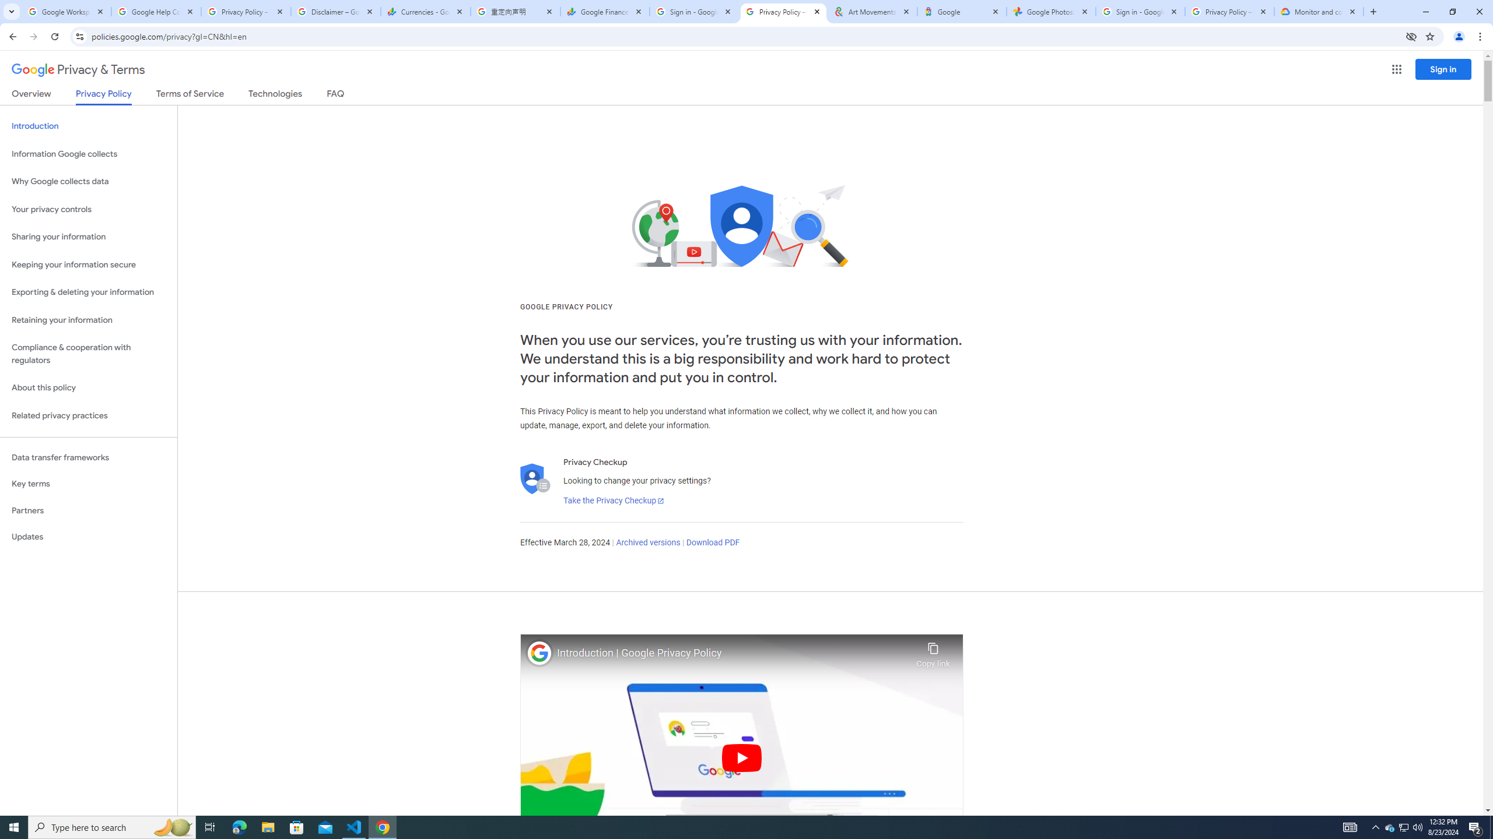 This screenshot has height=839, width=1493. What do you see at coordinates (88, 510) in the screenshot?
I see `'Partners'` at bounding box center [88, 510].